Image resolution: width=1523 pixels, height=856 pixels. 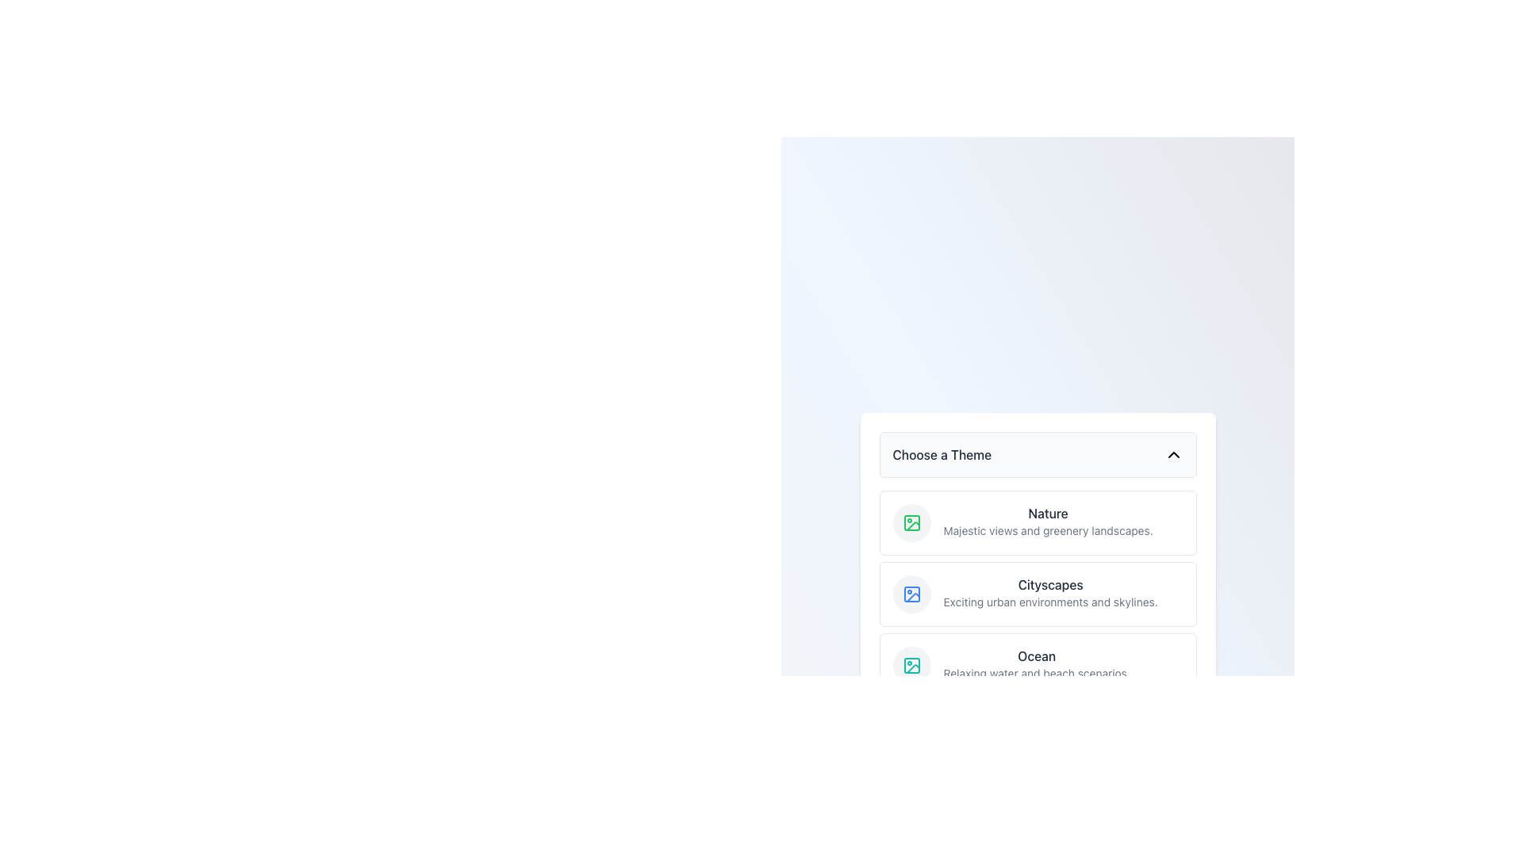 What do you see at coordinates (911, 666) in the screenshot?
I see `the teal rectangular SVG graphic element with rounded corners in the 'Ocean' theme block located at the bottom of the theme selection interface` at bounding box center [911, 666].